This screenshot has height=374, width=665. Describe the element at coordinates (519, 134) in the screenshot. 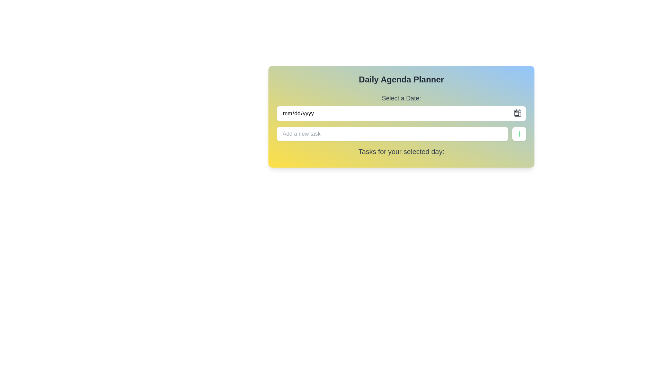

I see `the 'Add' button located to the right of the 'Add a new task' input field` at that location.